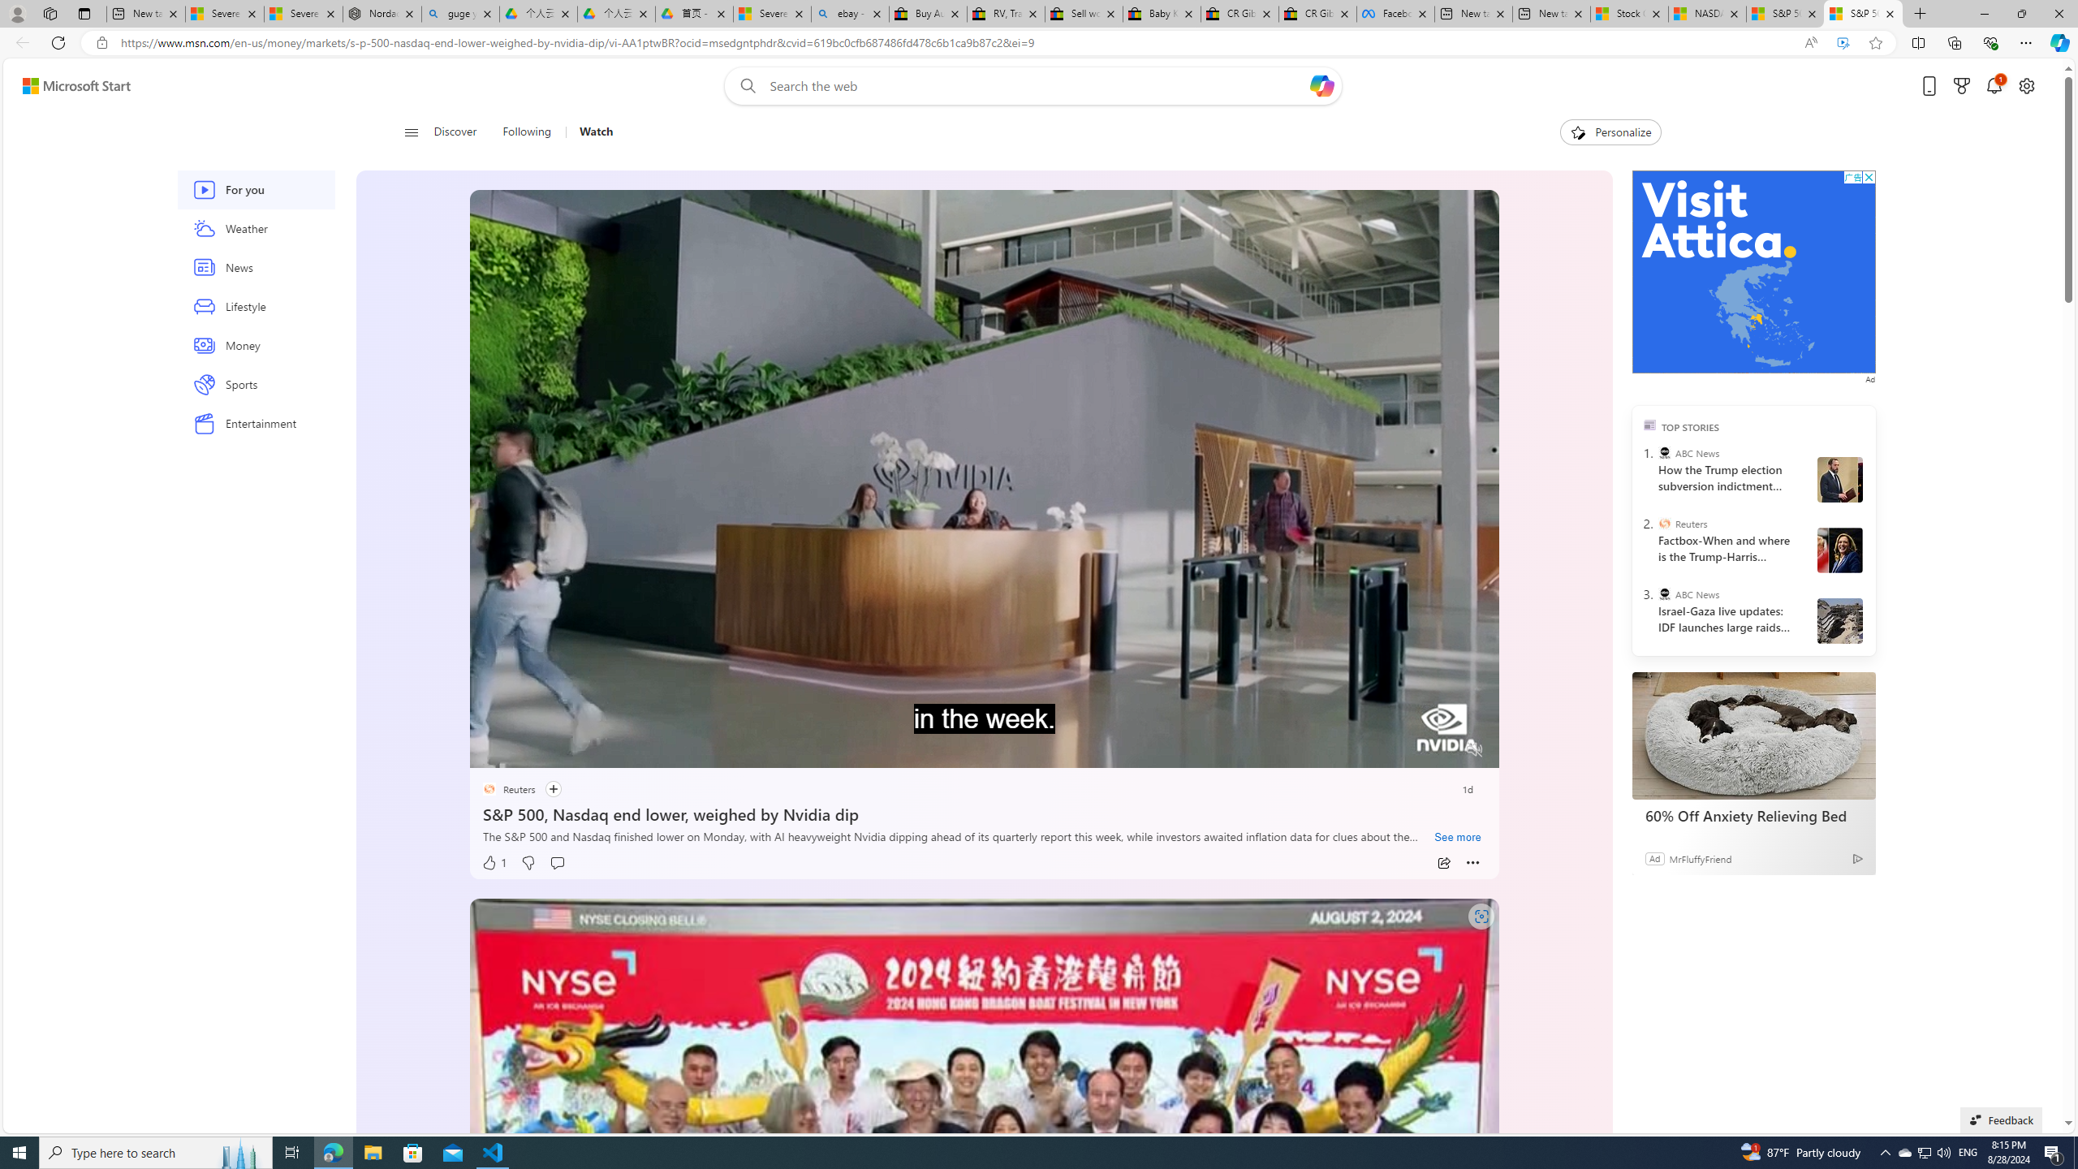 The height and width of the screenshot is (1169, 2078). Describe the element at coordinates (1006, 13) in the screenshot. I see `'RV, Trailer & Camper Steps & Ladders for sale | eBay'` at that location.